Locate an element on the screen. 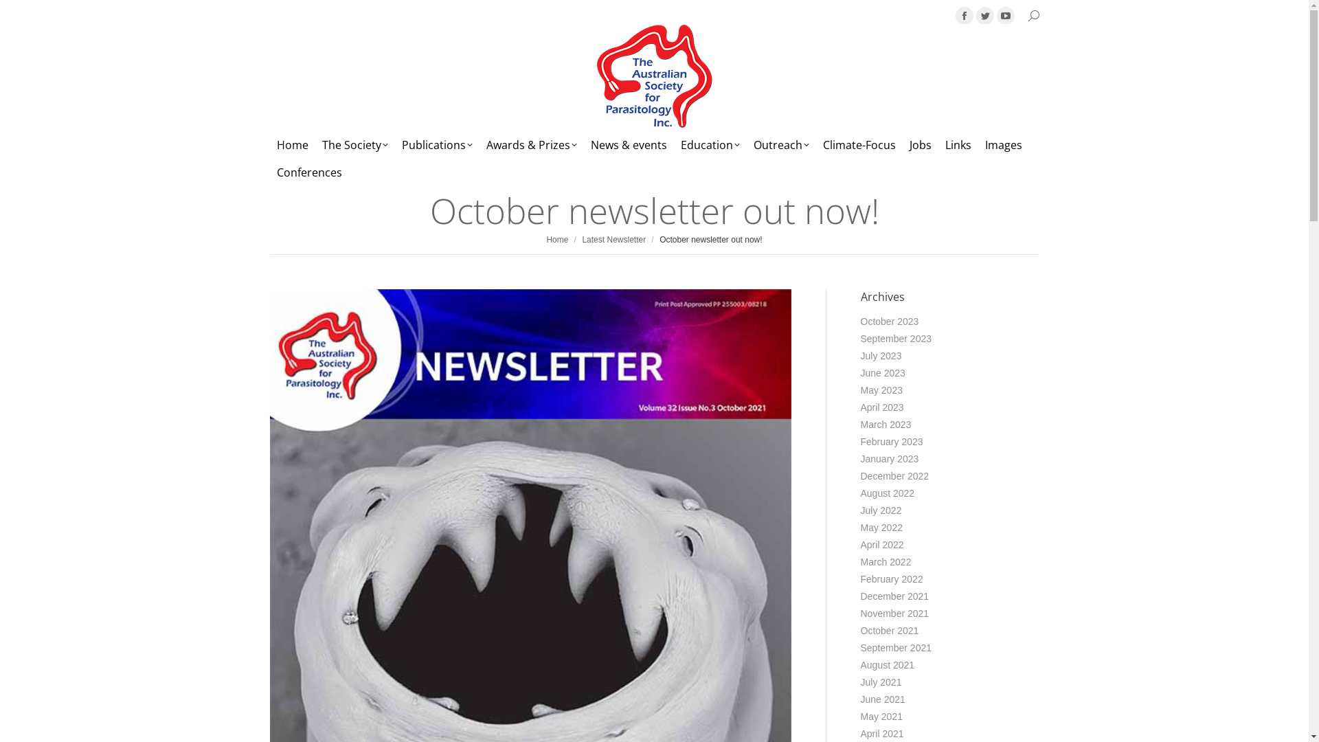 The image size is (1319, 742). 'May 2022' is located at coordinates (881, 526).